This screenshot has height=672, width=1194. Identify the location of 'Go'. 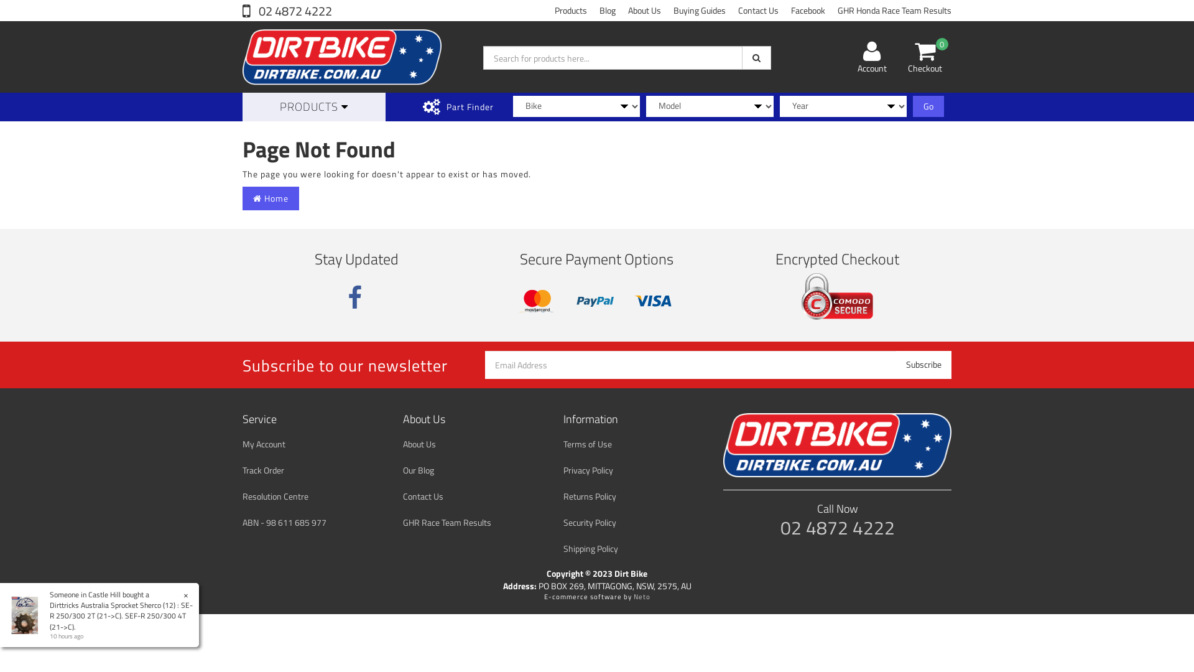
(928, 105).